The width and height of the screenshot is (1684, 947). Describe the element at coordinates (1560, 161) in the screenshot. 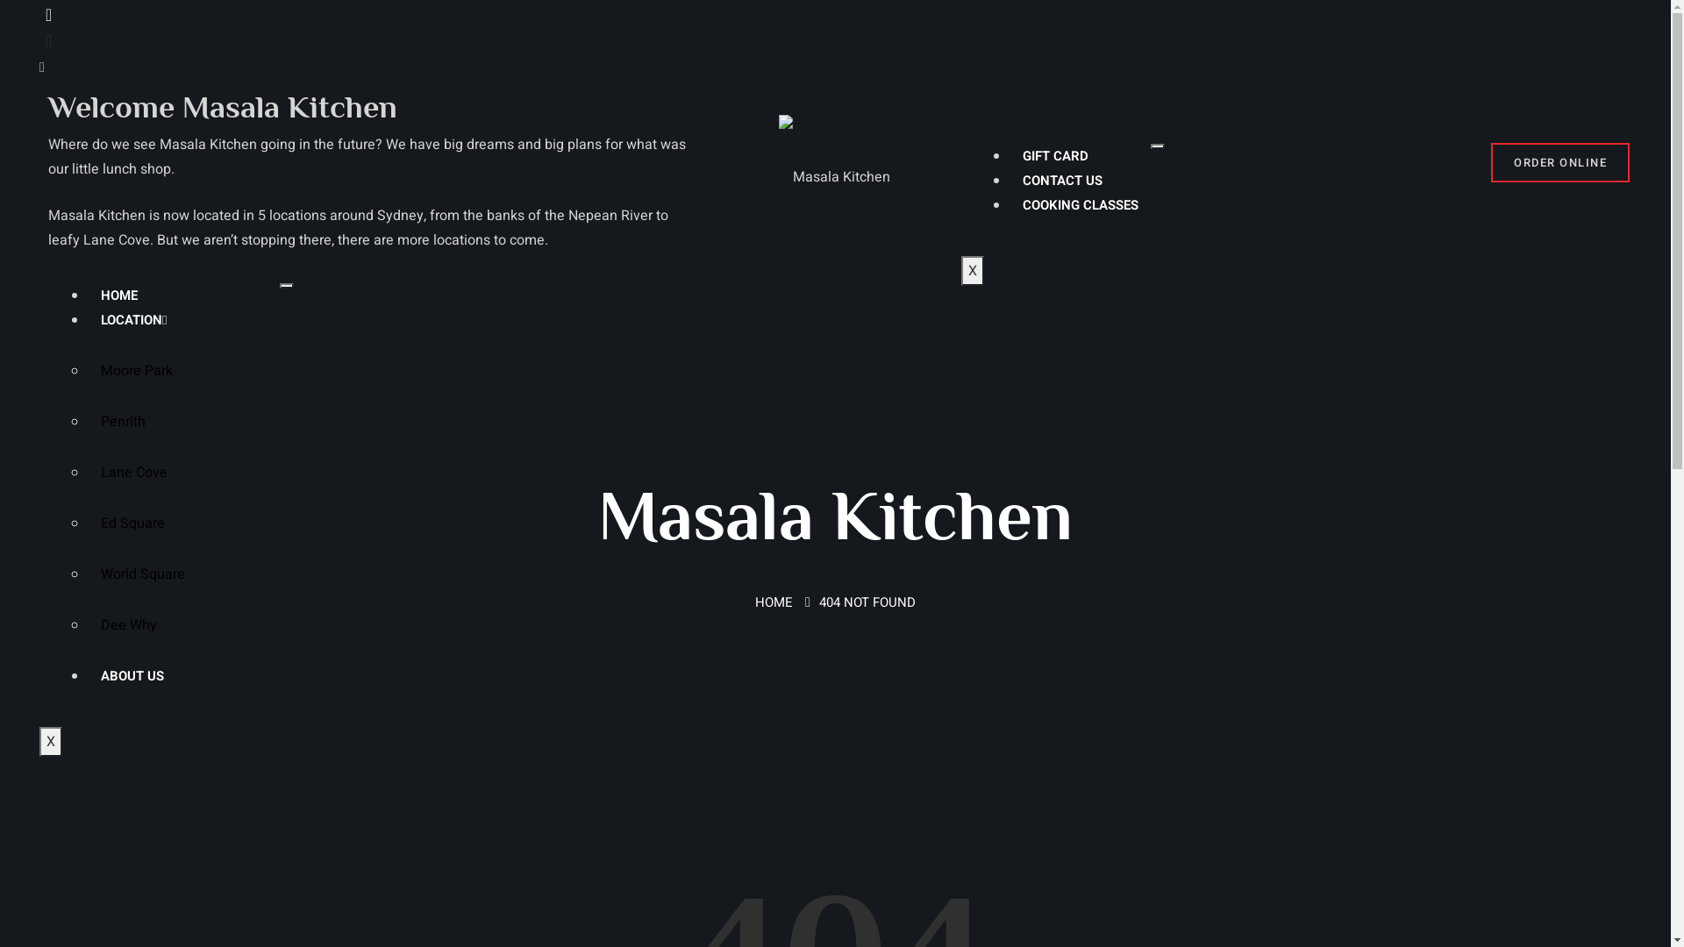

I see `'ORDER ONLINE'` at that location.